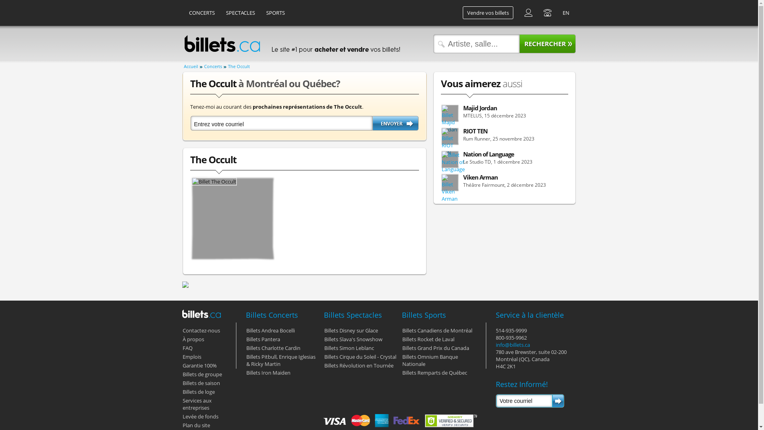 Image resolution: width=764 pixels, height=430 pixels. What do you see at coordinates (565, 12) in the screenshot?
I see `'EN'` at bounding box center [565, 12].